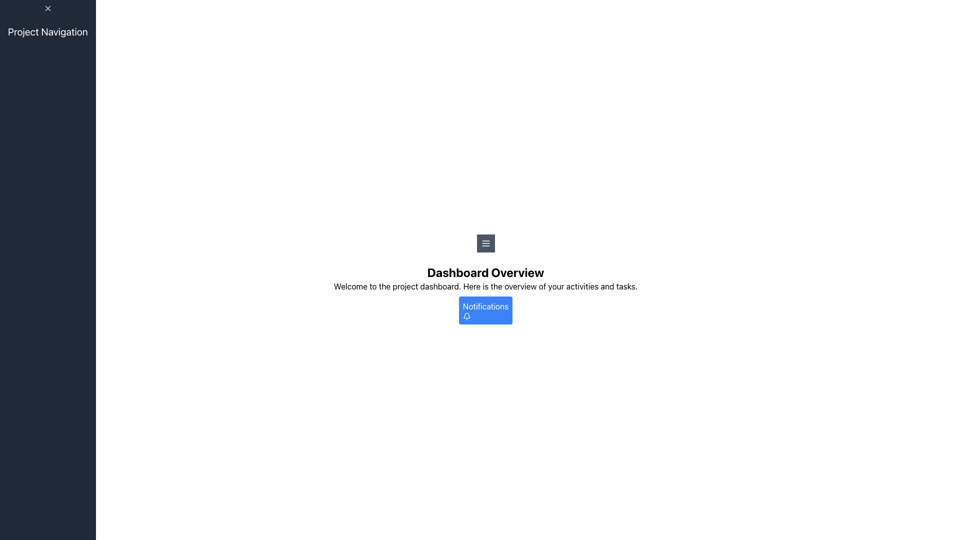 The width and height of the screenshot is (960, 540). I want to click on the 'Notifications' button which contains the bell icon, so click(466, 315).